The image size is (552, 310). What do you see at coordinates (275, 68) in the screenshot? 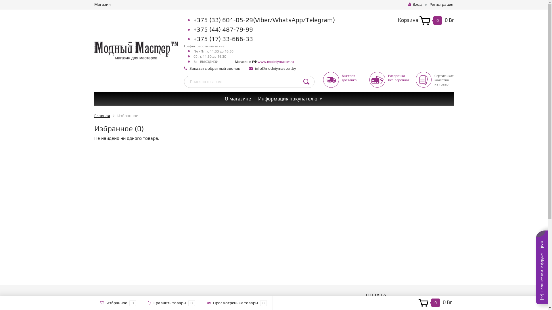
I see `'info@modniymaster.by'` at bounding box center [275, 68].